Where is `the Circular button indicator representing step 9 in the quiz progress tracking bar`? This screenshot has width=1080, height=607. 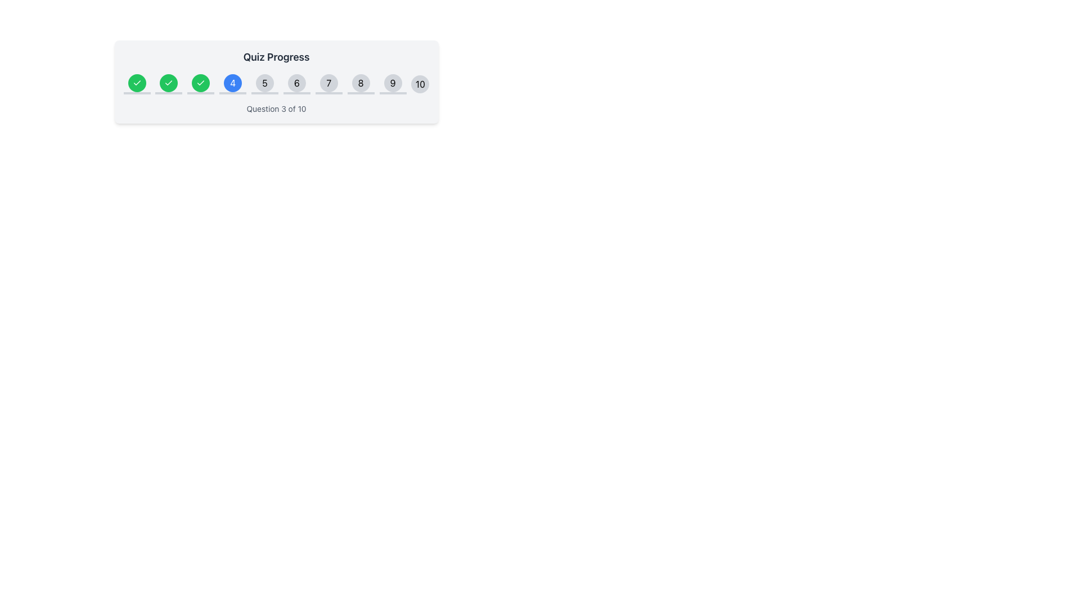
the Circular button indicator representing step 9 in the quiz progress tracking bar is located at coordinates (393, 82).